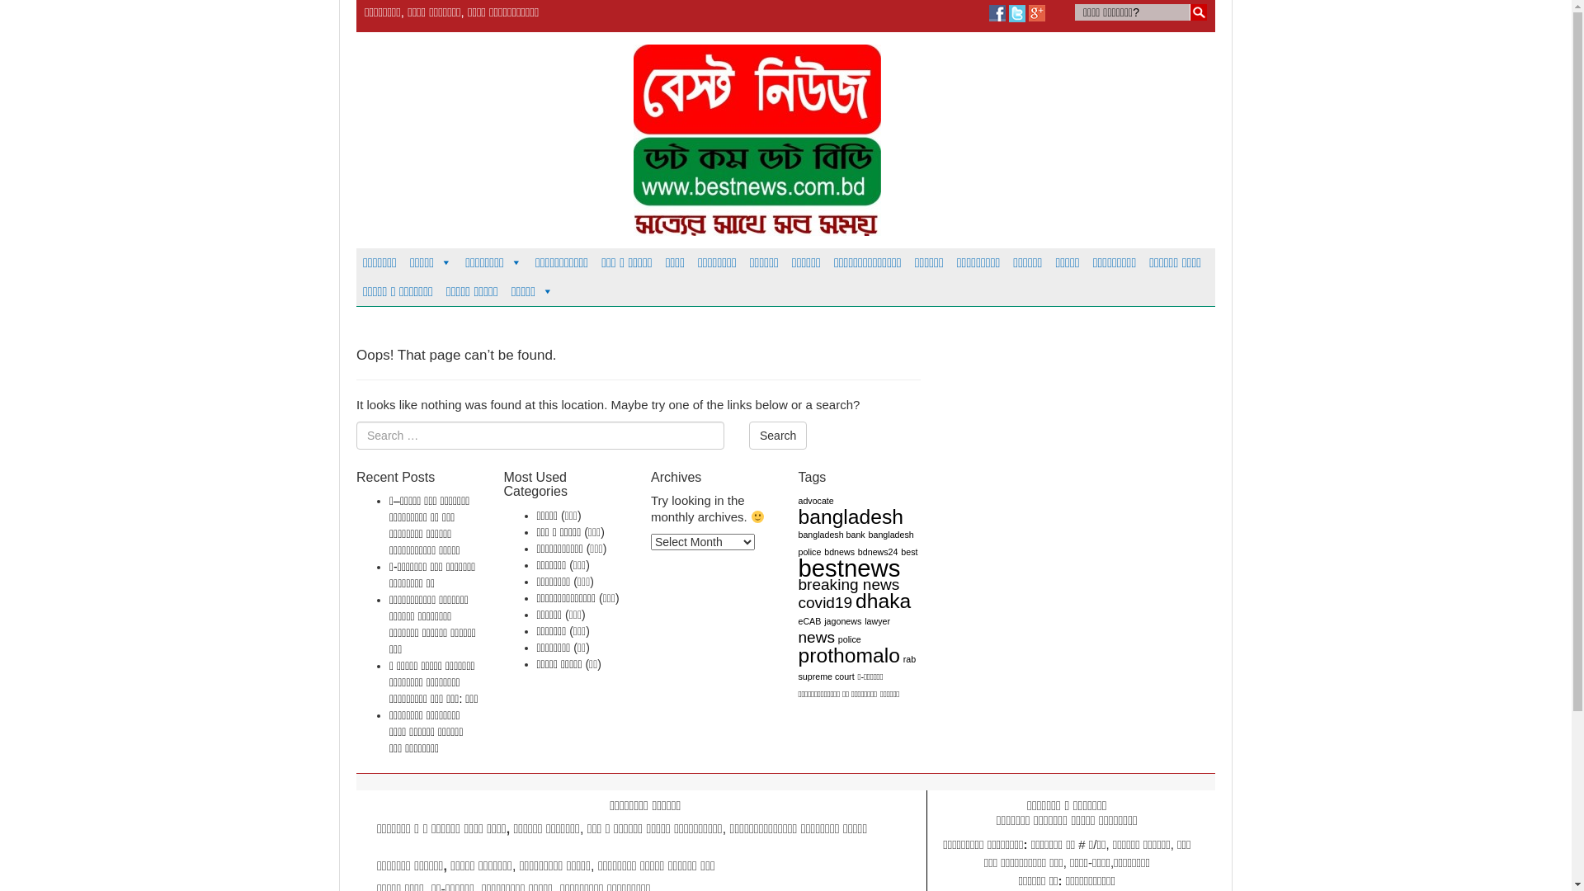 This screenshot has height=891, width=1584. I want to click on 'bestnews', so click(799, 567).